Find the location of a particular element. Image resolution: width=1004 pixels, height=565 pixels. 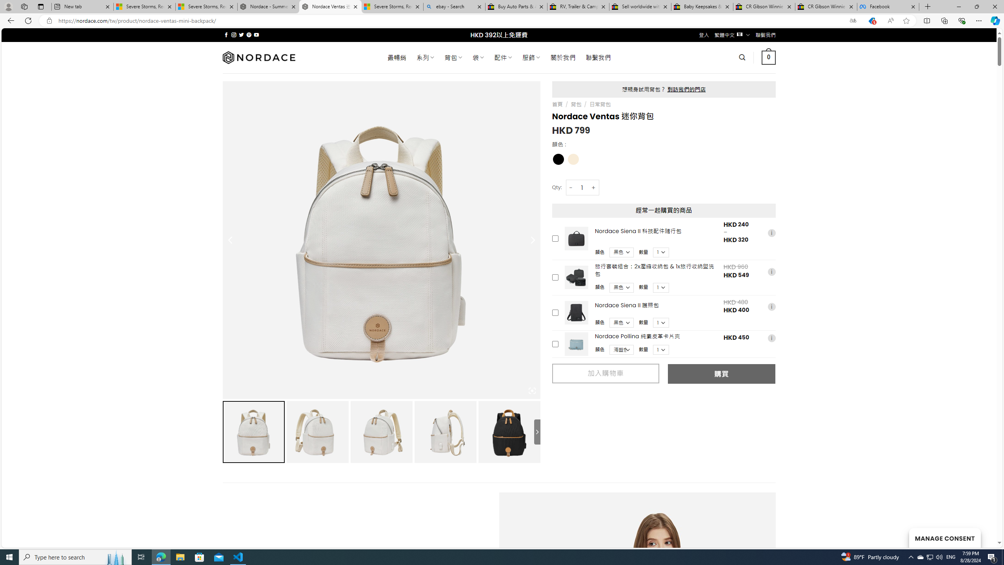

'Facebook' is located at coordinates (888, 6).